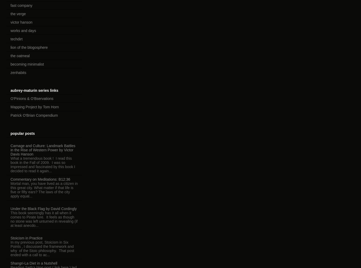 This screenshot has height=268, width=361. I want to click on 'Carnage and Culture: Landmark Battles in the Rise of Western Power by Victor Davis Hanson', so click(10, 149).